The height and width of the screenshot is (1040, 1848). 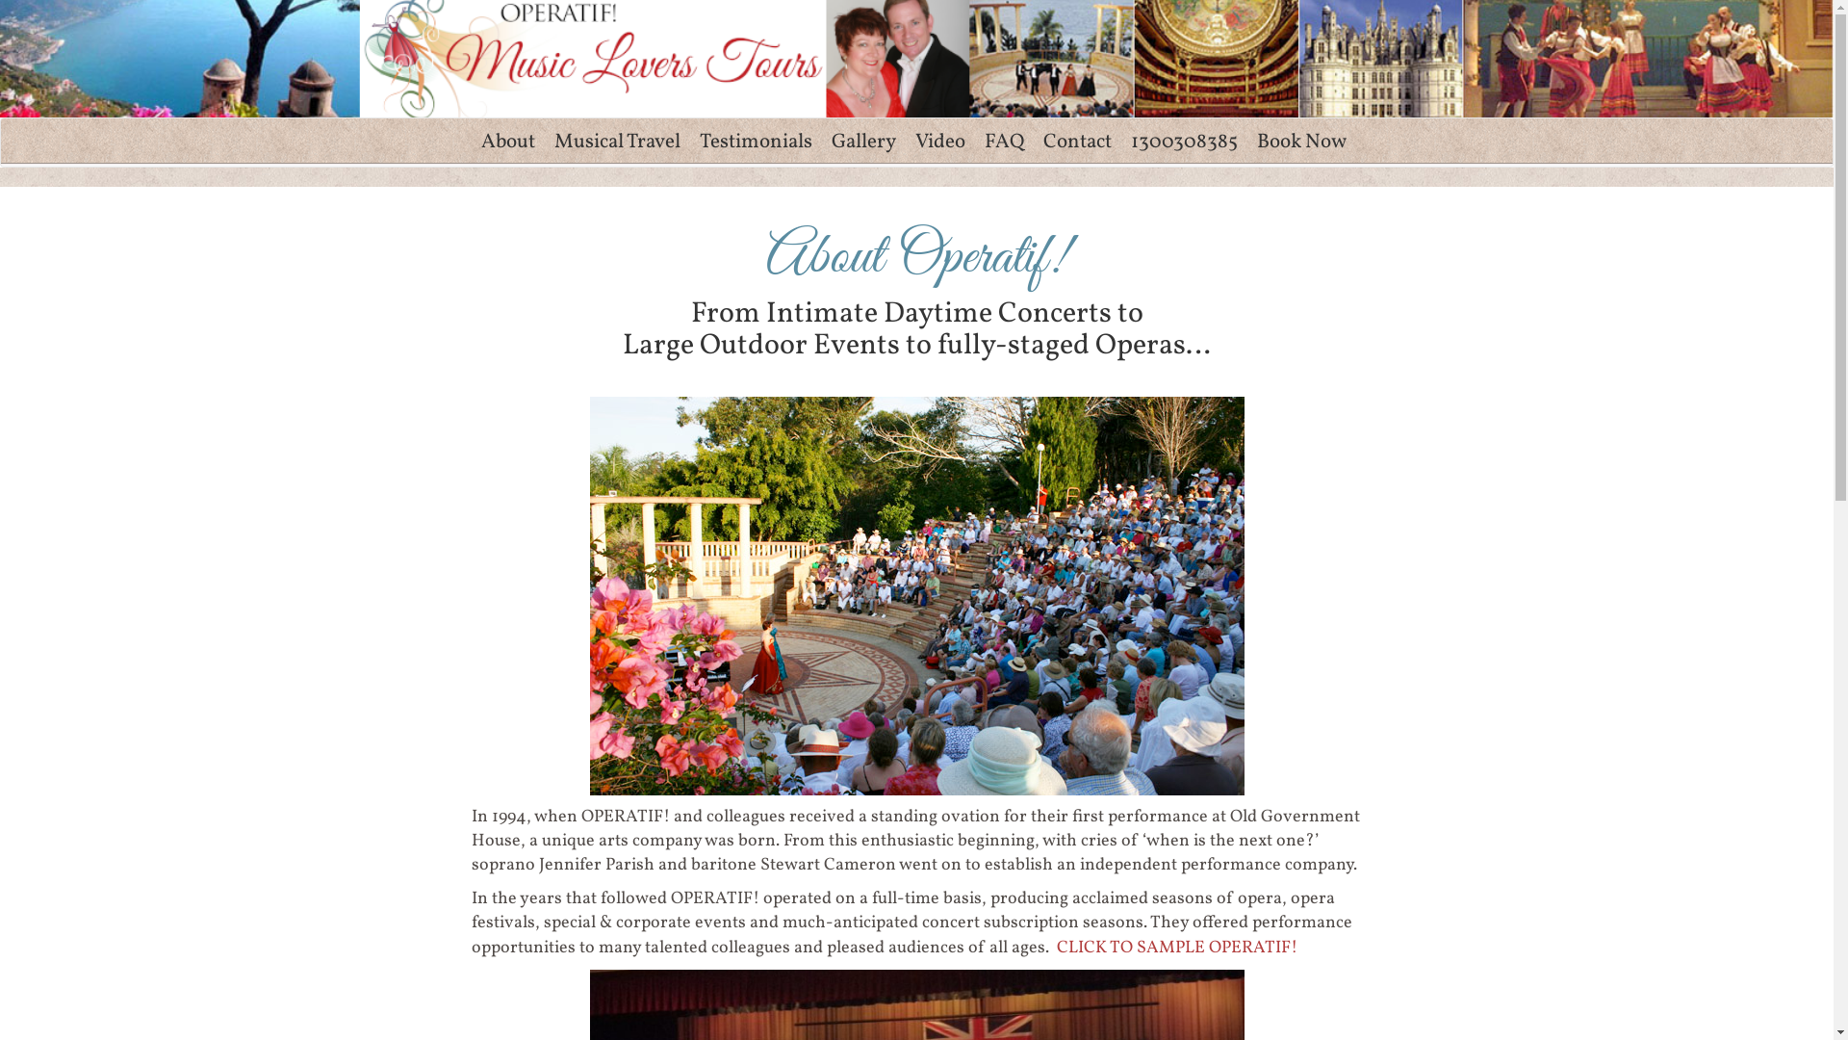 What do you see at coordinates (617, 141) in the screenshot?
I see `'Musical Travel'` at bounding box center [617, 141].